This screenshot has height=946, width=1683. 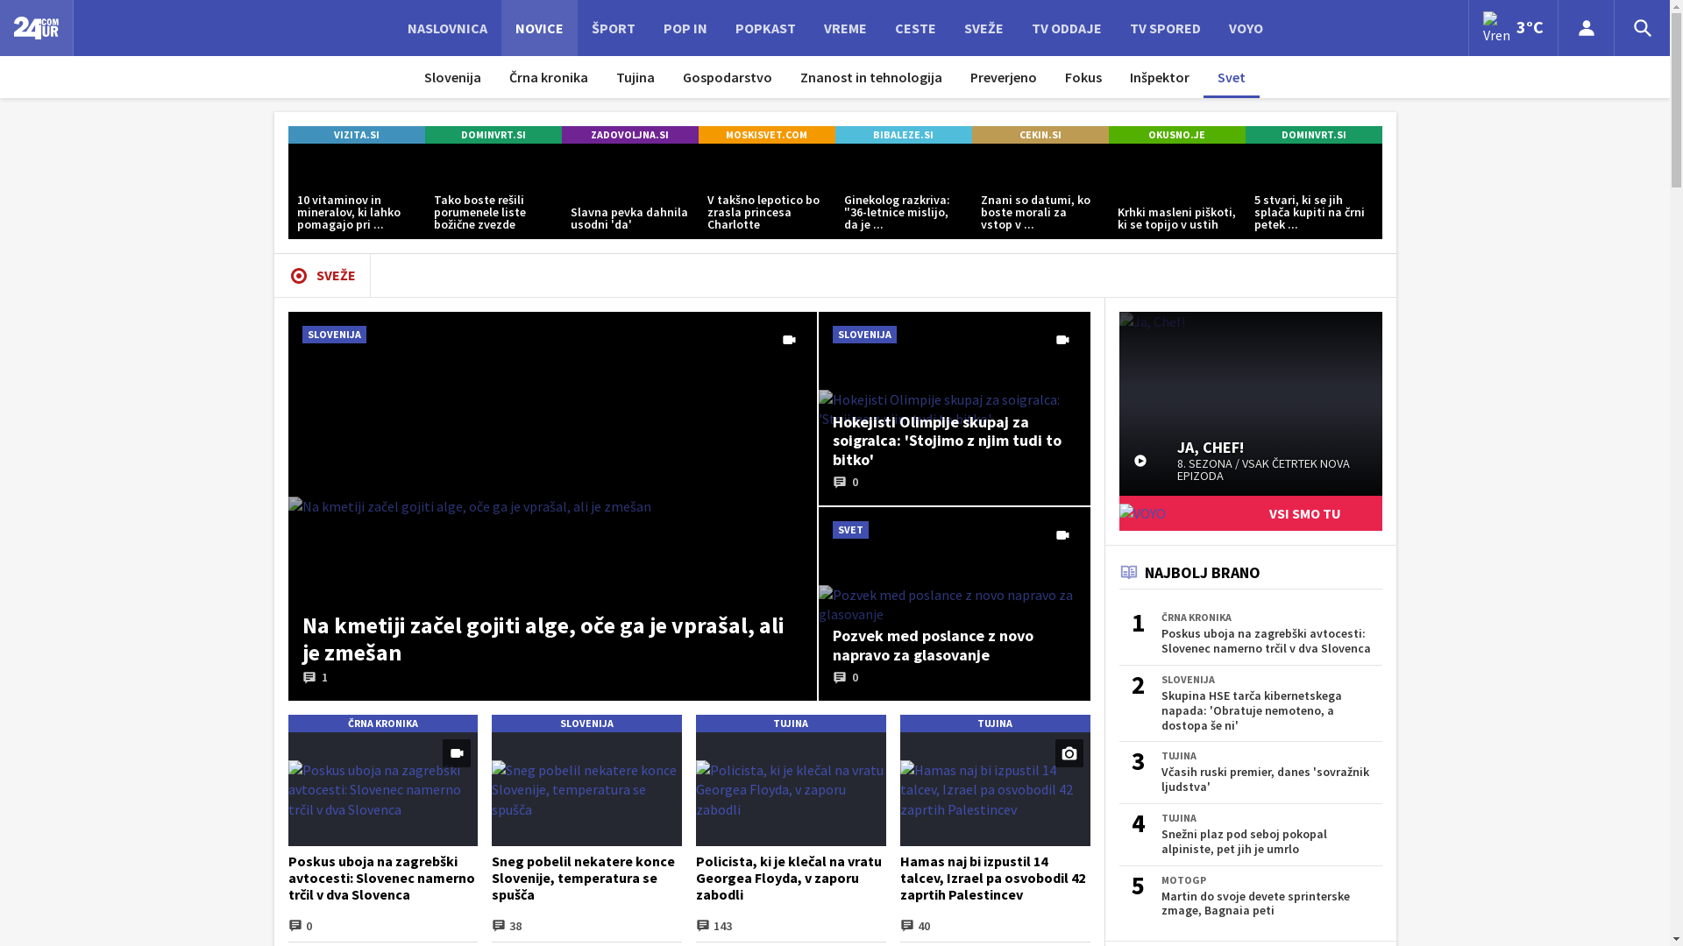 I want to click on 'MOSKISVET.COM', so click(x=697, y=134).